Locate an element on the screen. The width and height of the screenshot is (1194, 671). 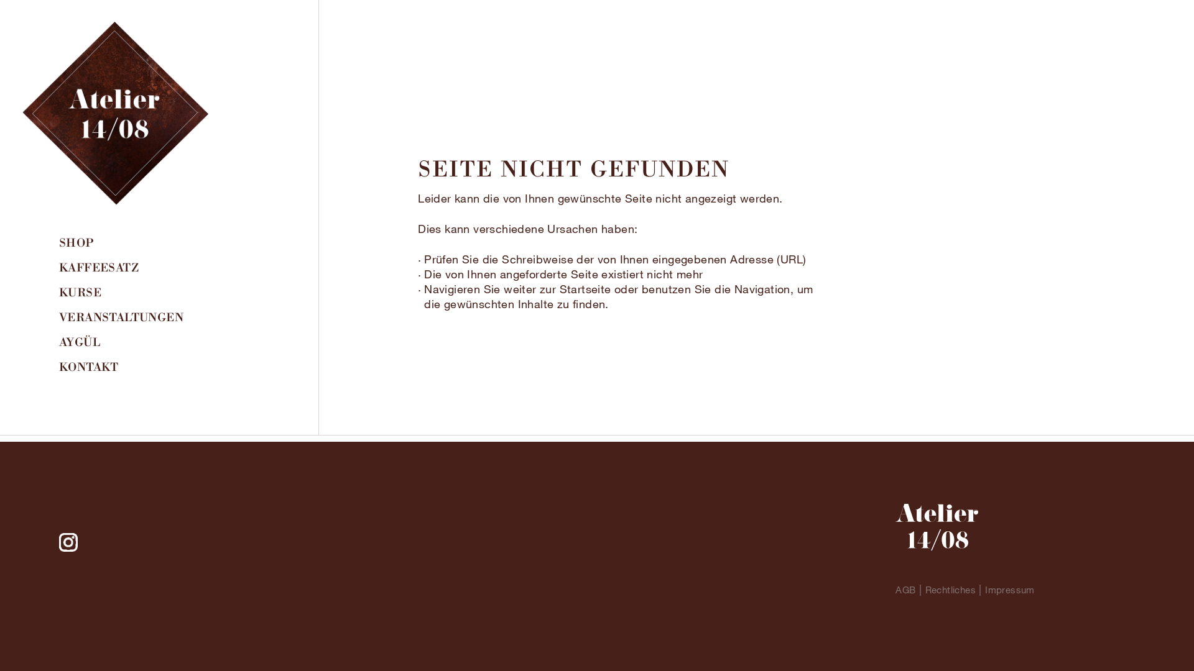
'AGB' is located at coordinates (905, 588).